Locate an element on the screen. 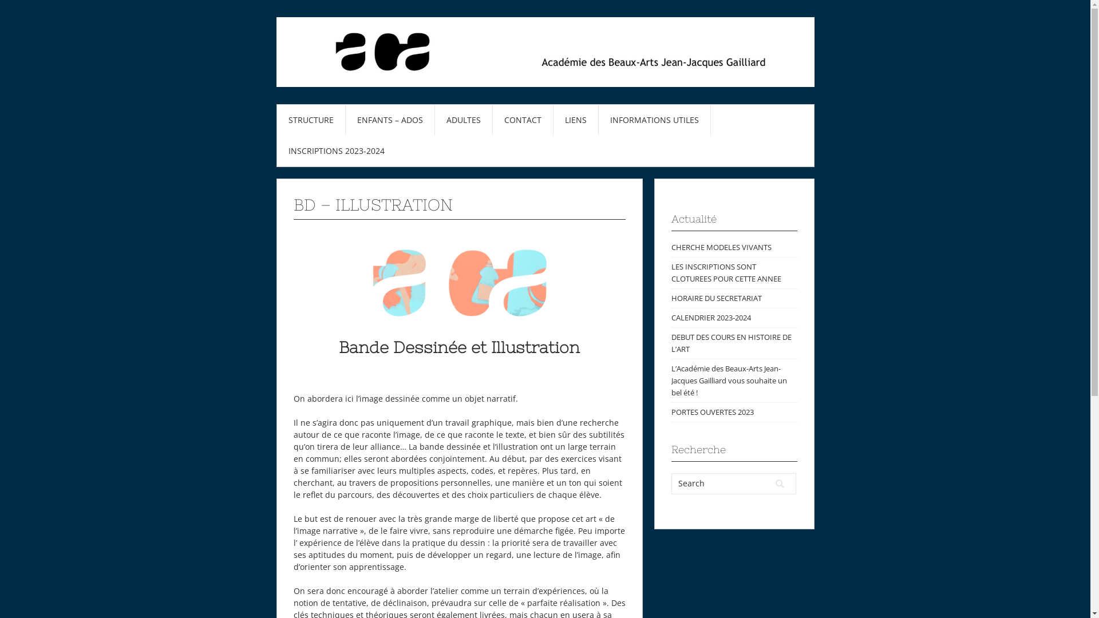 The image size is (1099, 618). 'Search' is located at coordinates (779, 484).